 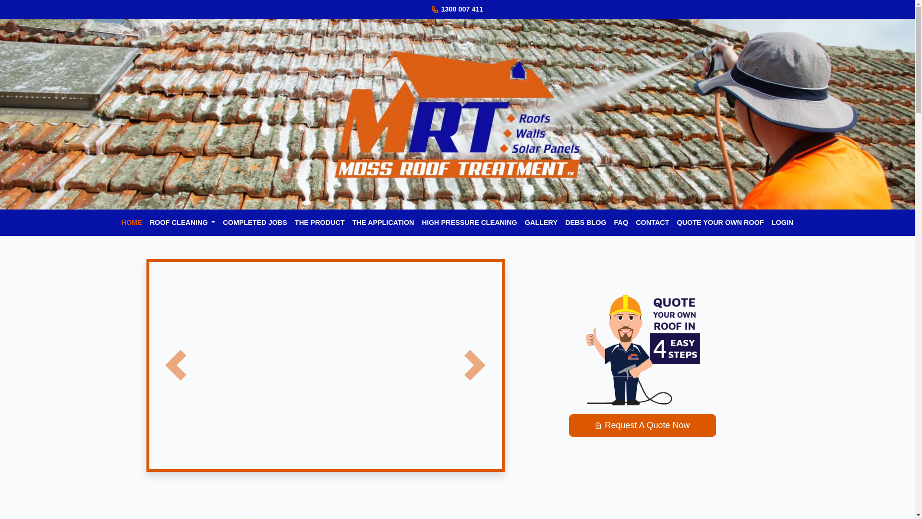 What do you see at coordinates (642, 425) in the screenshot?
I see `'Request A Quote Now'` at bounding box center [642, 425].